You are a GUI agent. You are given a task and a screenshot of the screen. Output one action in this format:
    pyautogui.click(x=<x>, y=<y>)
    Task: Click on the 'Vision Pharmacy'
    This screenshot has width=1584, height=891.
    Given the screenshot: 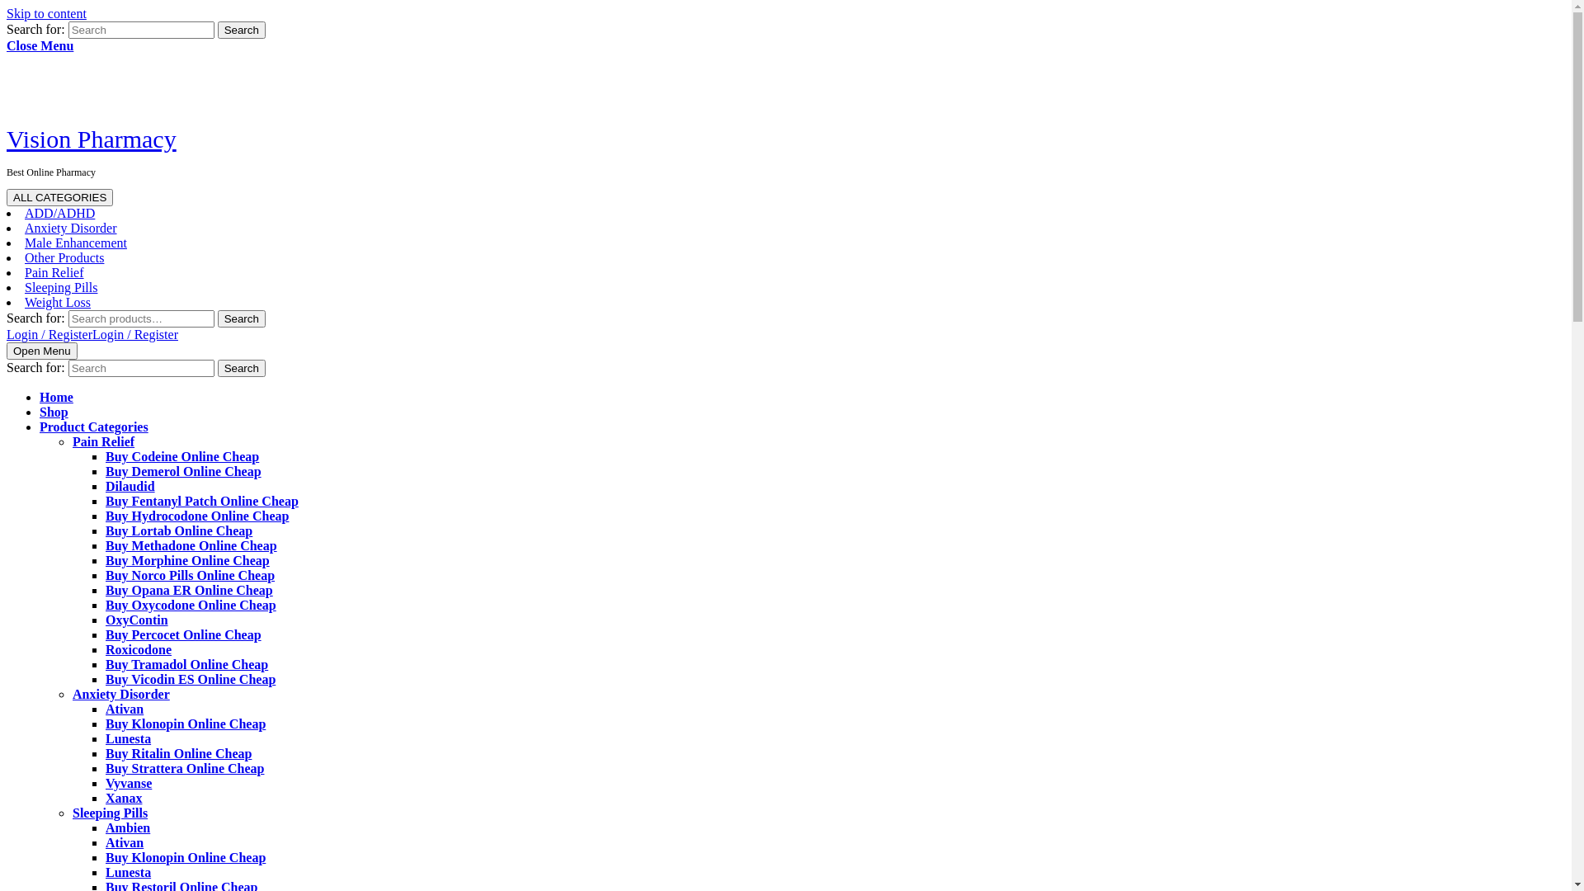 What is the action you would take?
    pyautogui.click(x=90, y=138)
    